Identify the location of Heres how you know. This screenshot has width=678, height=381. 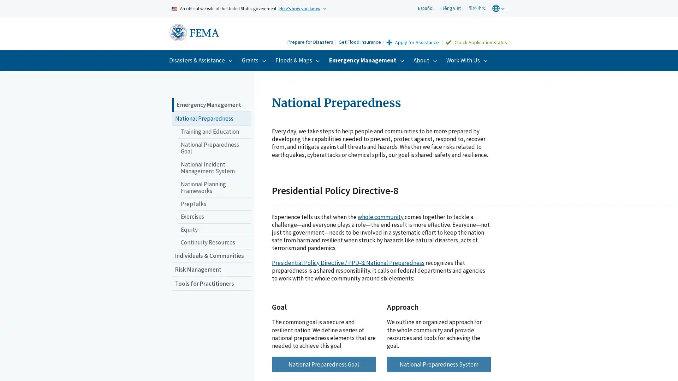
(300, 8).